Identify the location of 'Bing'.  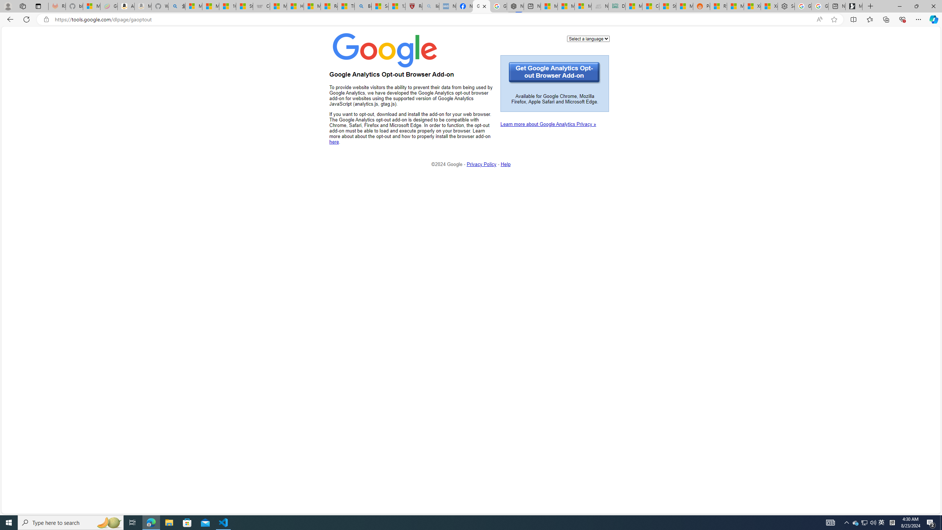
(363, 6).